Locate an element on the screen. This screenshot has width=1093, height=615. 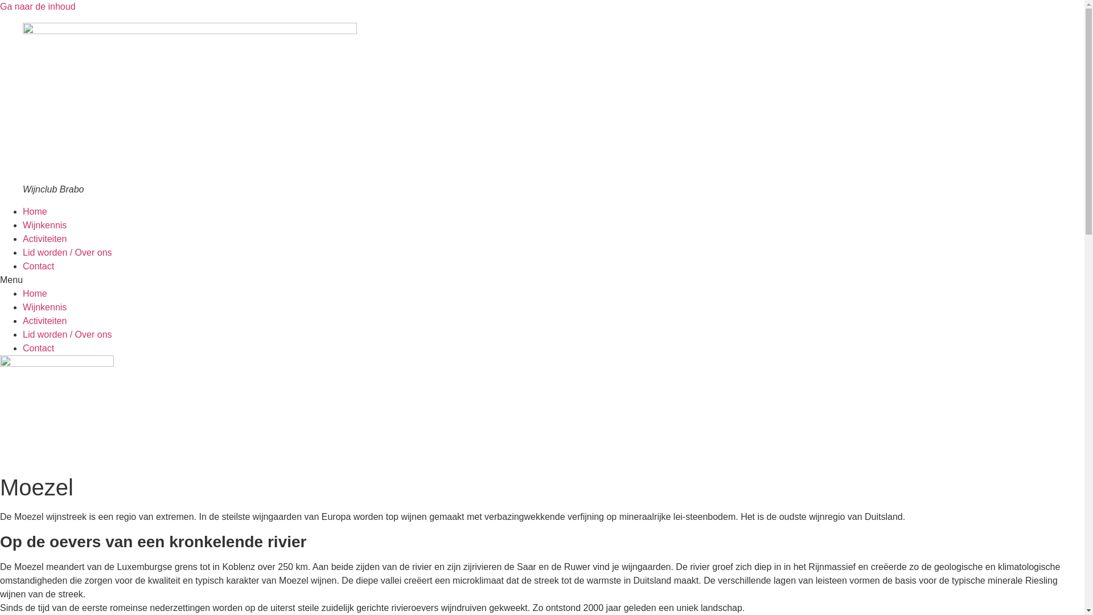
'Home' is located at coordinates (35, 211).